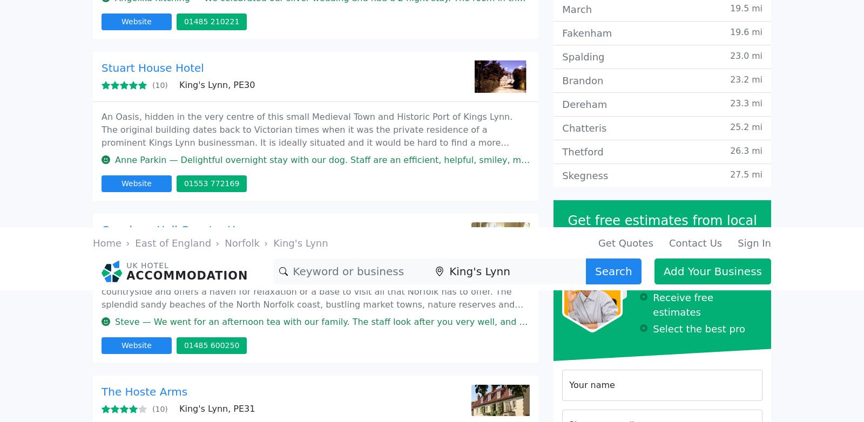 This screenshot has width=864, height=422. What do you see at coordinates (703, 153) in the screenshot?
I see `'Cookies policy'` at bounding box center [703, 153].